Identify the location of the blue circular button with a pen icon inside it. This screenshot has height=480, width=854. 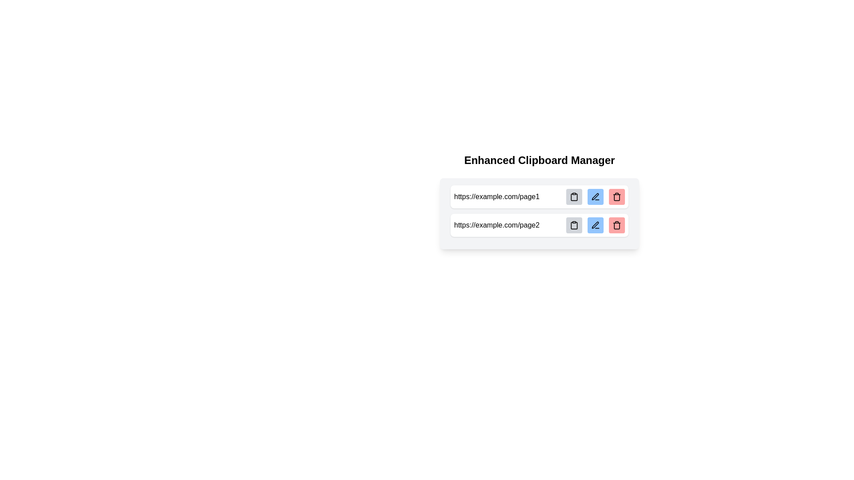
(596, 196).